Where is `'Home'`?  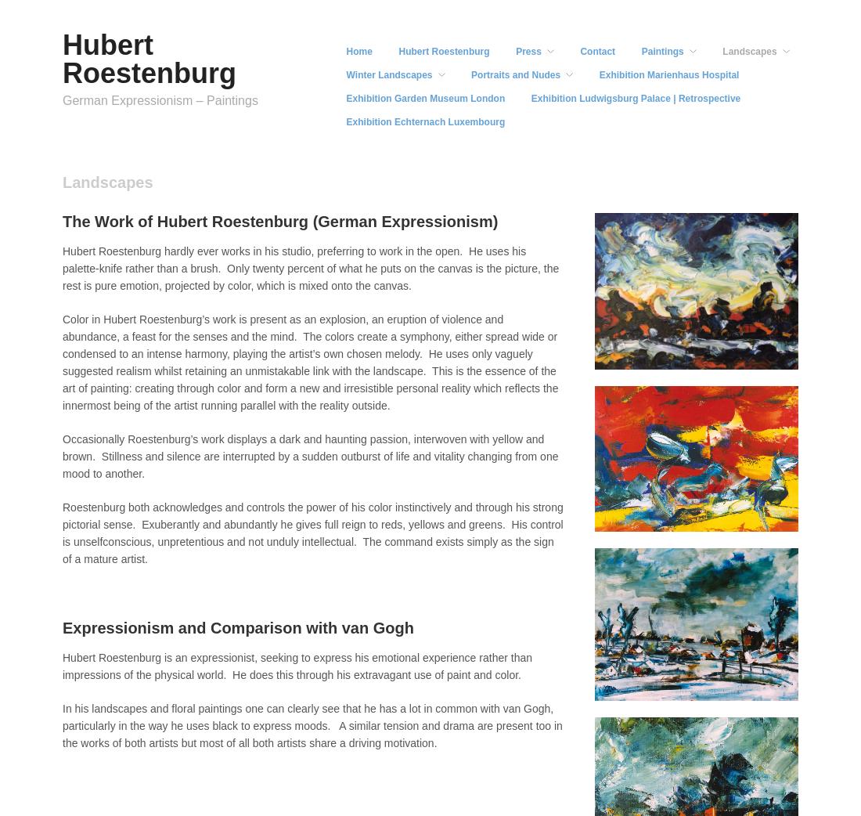
'Home' is located at coordinates (358, 50).